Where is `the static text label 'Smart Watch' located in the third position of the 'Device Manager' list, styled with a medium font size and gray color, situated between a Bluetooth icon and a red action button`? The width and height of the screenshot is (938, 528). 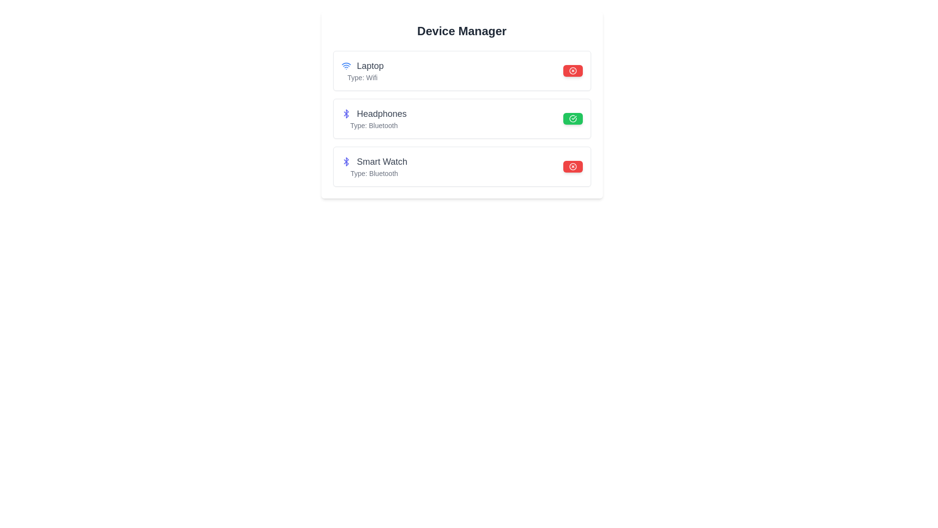
the static text label 'Smart Watch' located in the third position of the 'Device Manager' list, styled with a medium font size and gray color, situated between a Bluetooth icon and a red action button is located at coordinates (382, 161).